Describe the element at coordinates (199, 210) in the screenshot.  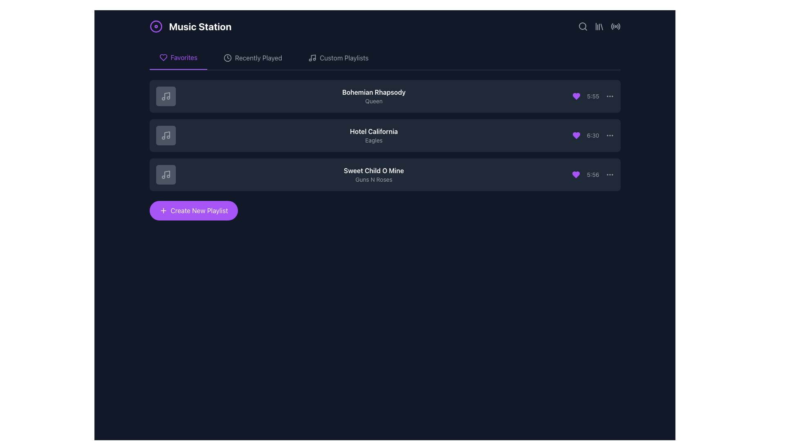
I see `the static text within the button that serves as a label for creating a new playlist, located at the center-right of the interactive rectangular button near the bottom of the playlist list` at that location.